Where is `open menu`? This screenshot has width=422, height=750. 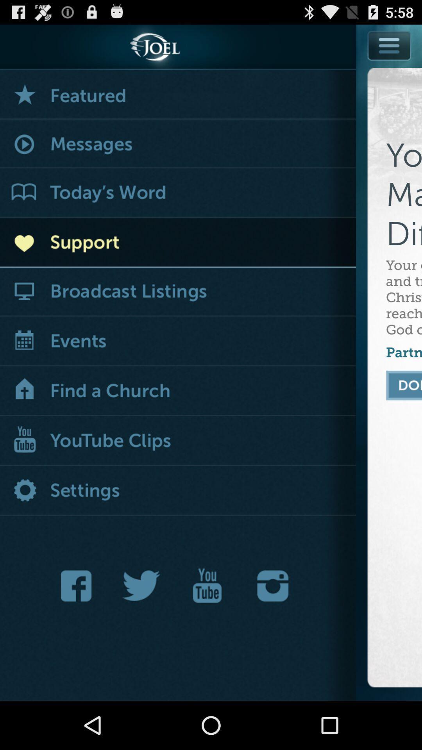 open menu is located at coordinates (389, 63).